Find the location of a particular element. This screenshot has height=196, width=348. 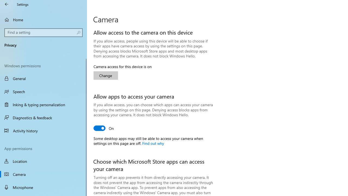

'Diagnostics & feedback' is located at coordinates (43, 117).